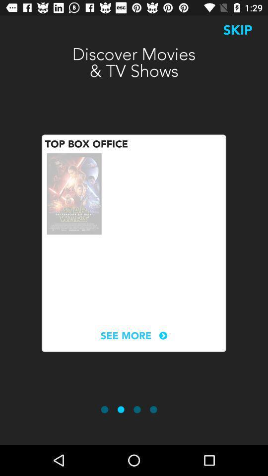 This screenshot has height=476, width=268. I want to click on the icon next to discover movies tv icon, so click(237, 29).